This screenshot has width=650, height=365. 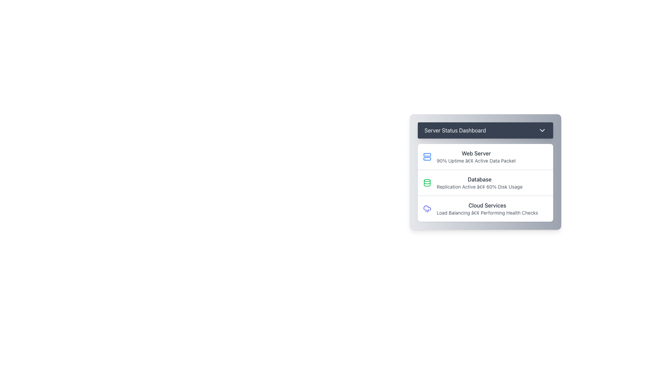 What do you see at coordinates (485, 156) in the screenshot?
I see `text contained in the Information Card, which displays the status of the web server, including uptime percentage and activity status` at bounding box center [485, 156].